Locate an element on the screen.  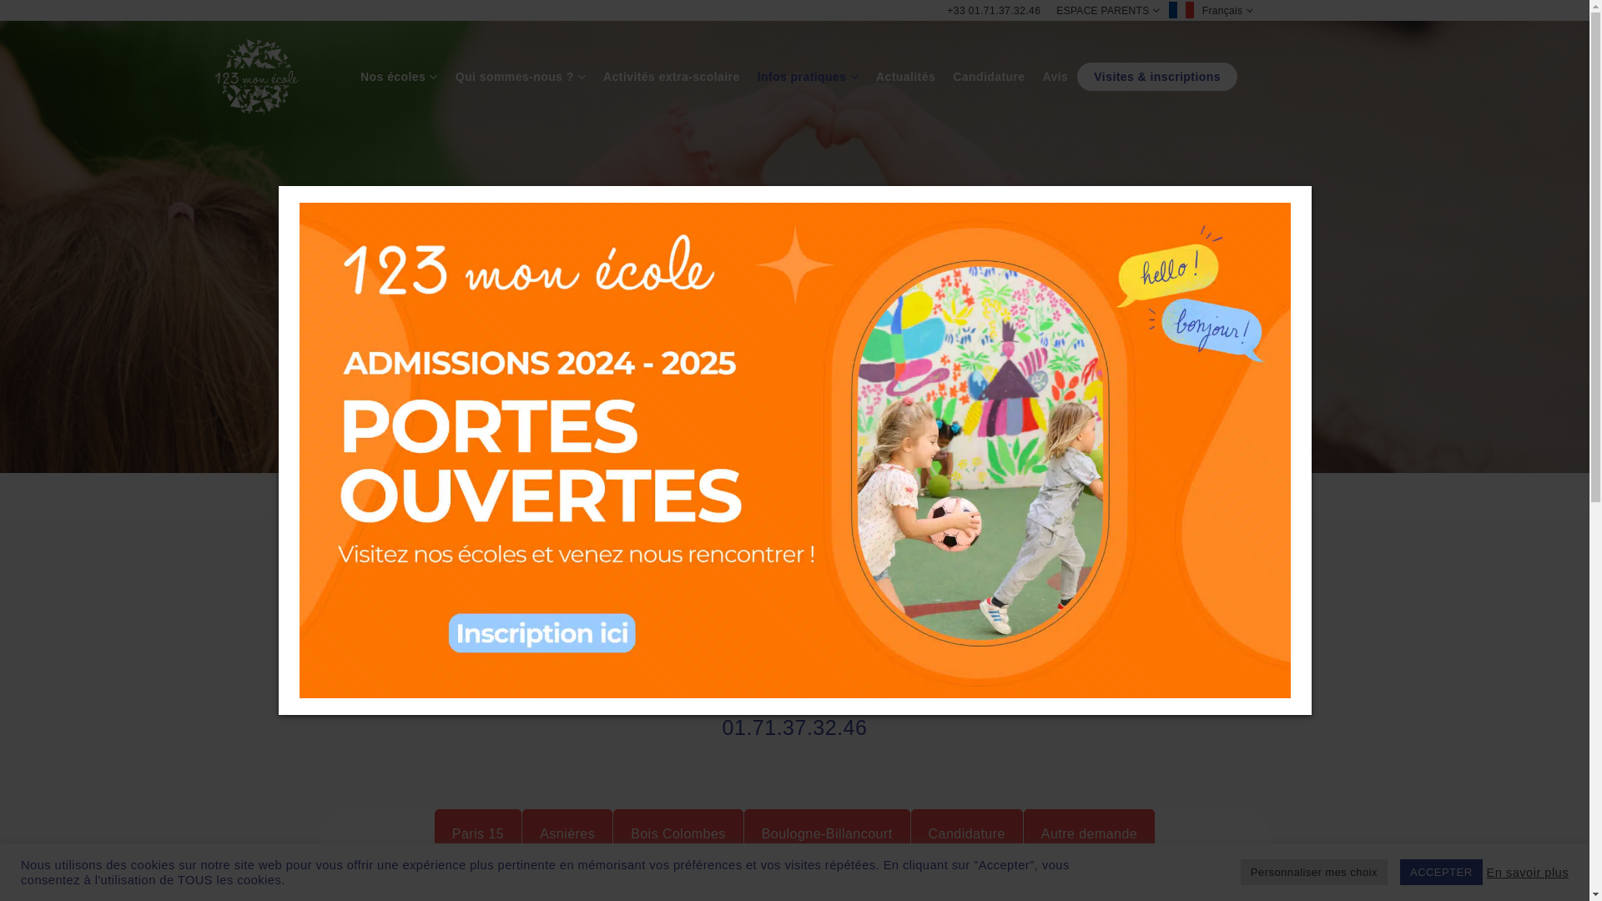
'Autre demande' is located at coordinates (1089, 833).